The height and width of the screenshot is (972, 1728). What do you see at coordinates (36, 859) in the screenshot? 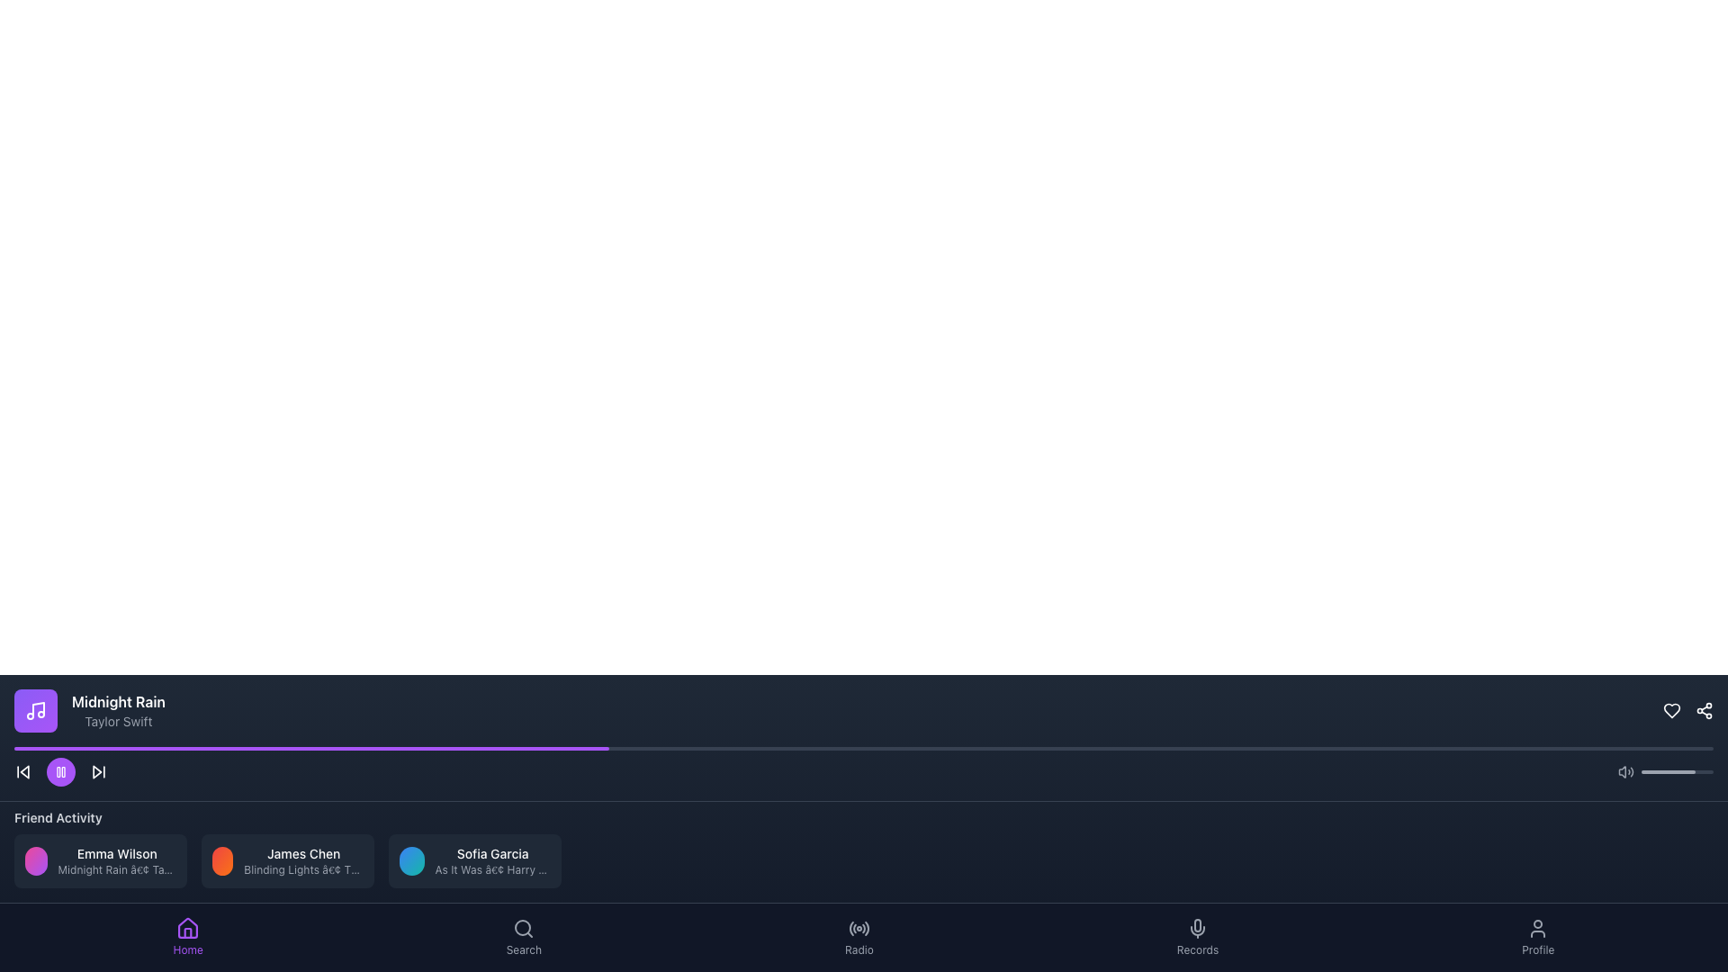
I see `the circular avatar representing user 'Emma Wilson' located in the 'Friend Activity' section, to the far left of the text 'Emma Wilson' and 'Midnight Rain • Taylor Swift.'` at bounding box center [36, 859].